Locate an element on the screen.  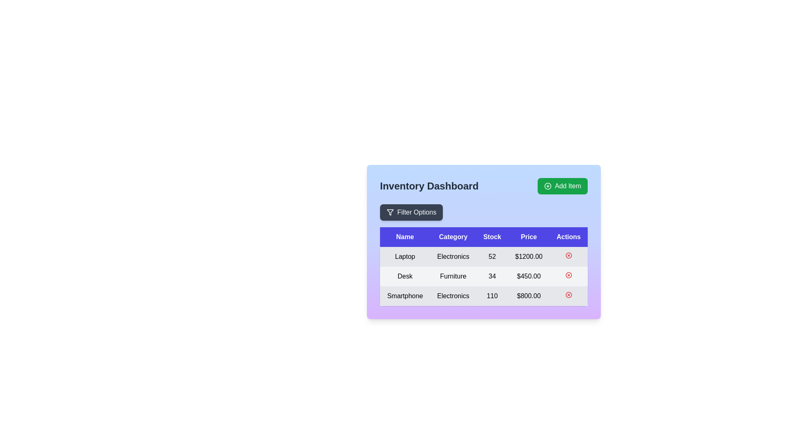
the text label reading 'Desk' is located at coordinates (405, 276).